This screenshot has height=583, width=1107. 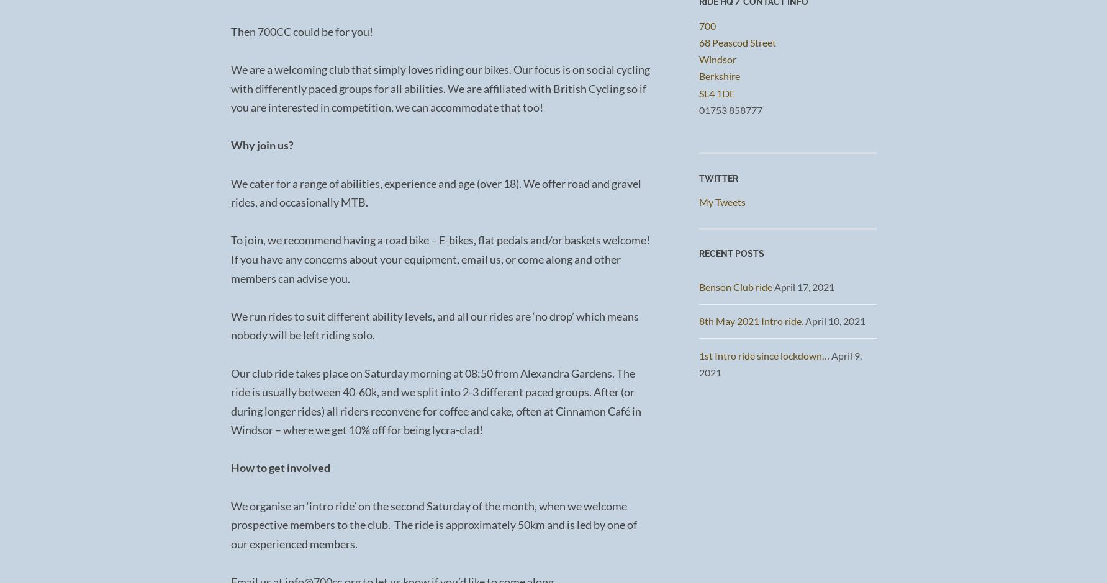 I want to click on '8th May 2021 Intro ride.', so click(x=751, y=320).